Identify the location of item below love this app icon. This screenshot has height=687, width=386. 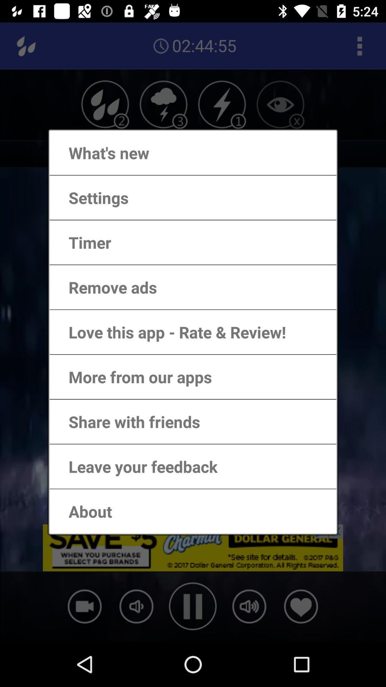
(133, 376).